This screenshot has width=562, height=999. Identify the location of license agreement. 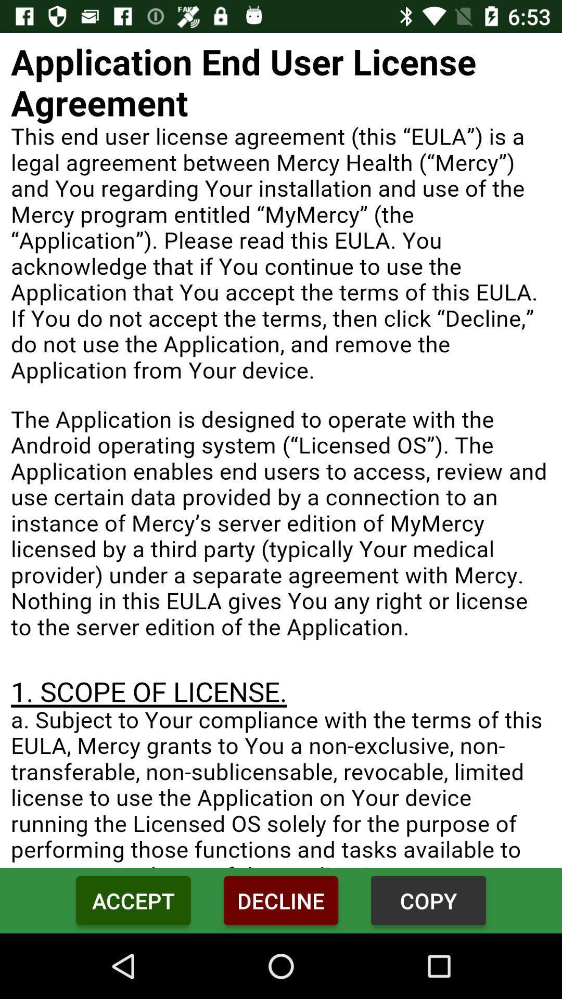
(281, 450).